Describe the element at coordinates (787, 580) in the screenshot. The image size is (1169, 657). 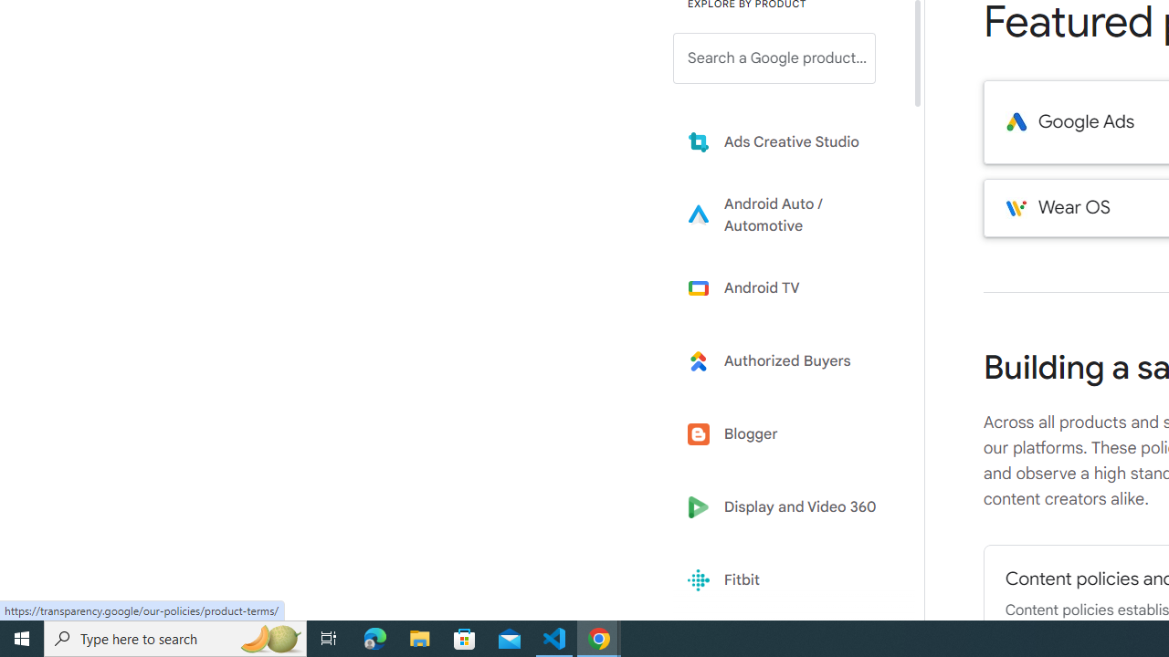
I see `'Fitbit'` at that location.